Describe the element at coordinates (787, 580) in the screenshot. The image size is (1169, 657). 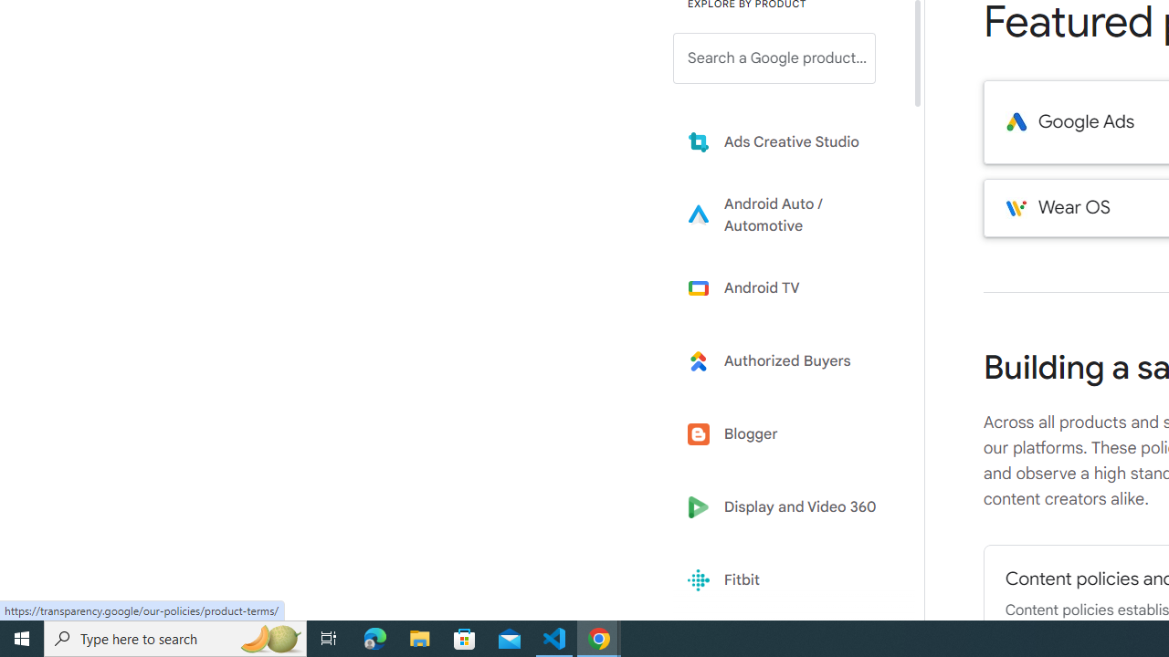
I see `'Fitbit'` at that location.